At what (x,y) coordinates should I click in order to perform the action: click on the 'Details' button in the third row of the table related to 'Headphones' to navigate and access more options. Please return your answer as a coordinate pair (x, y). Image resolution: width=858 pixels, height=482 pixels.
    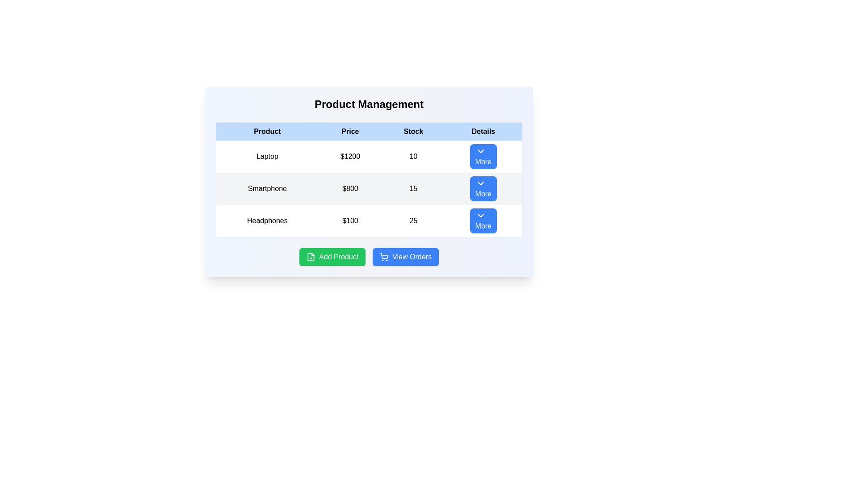
    Looking at the image, I should click on (483, 220).